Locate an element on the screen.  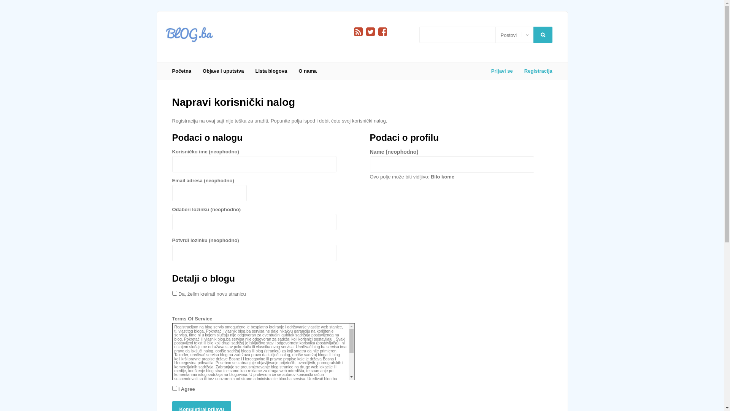
'Facebook' is located at coordinates (382, 31).